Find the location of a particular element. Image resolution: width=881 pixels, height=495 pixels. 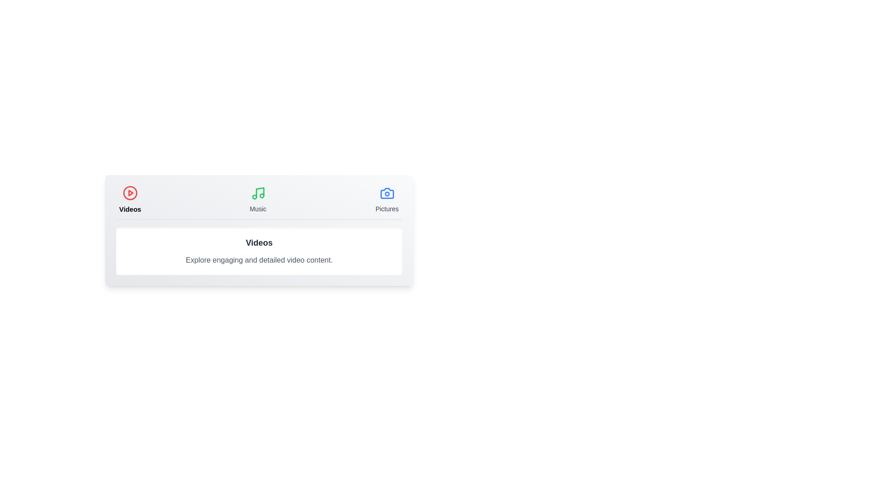

the icon of the Pictures tab to activate it is located at coordinates (387, 192).